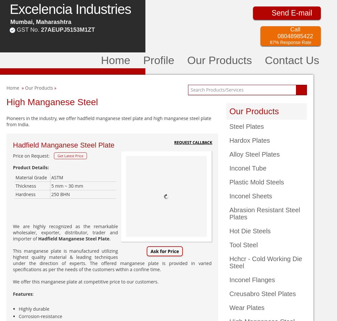 Image resolution: width=337 pixels, height=321 pixels. I want to click on 'Wear Plates', so click(246, 307).